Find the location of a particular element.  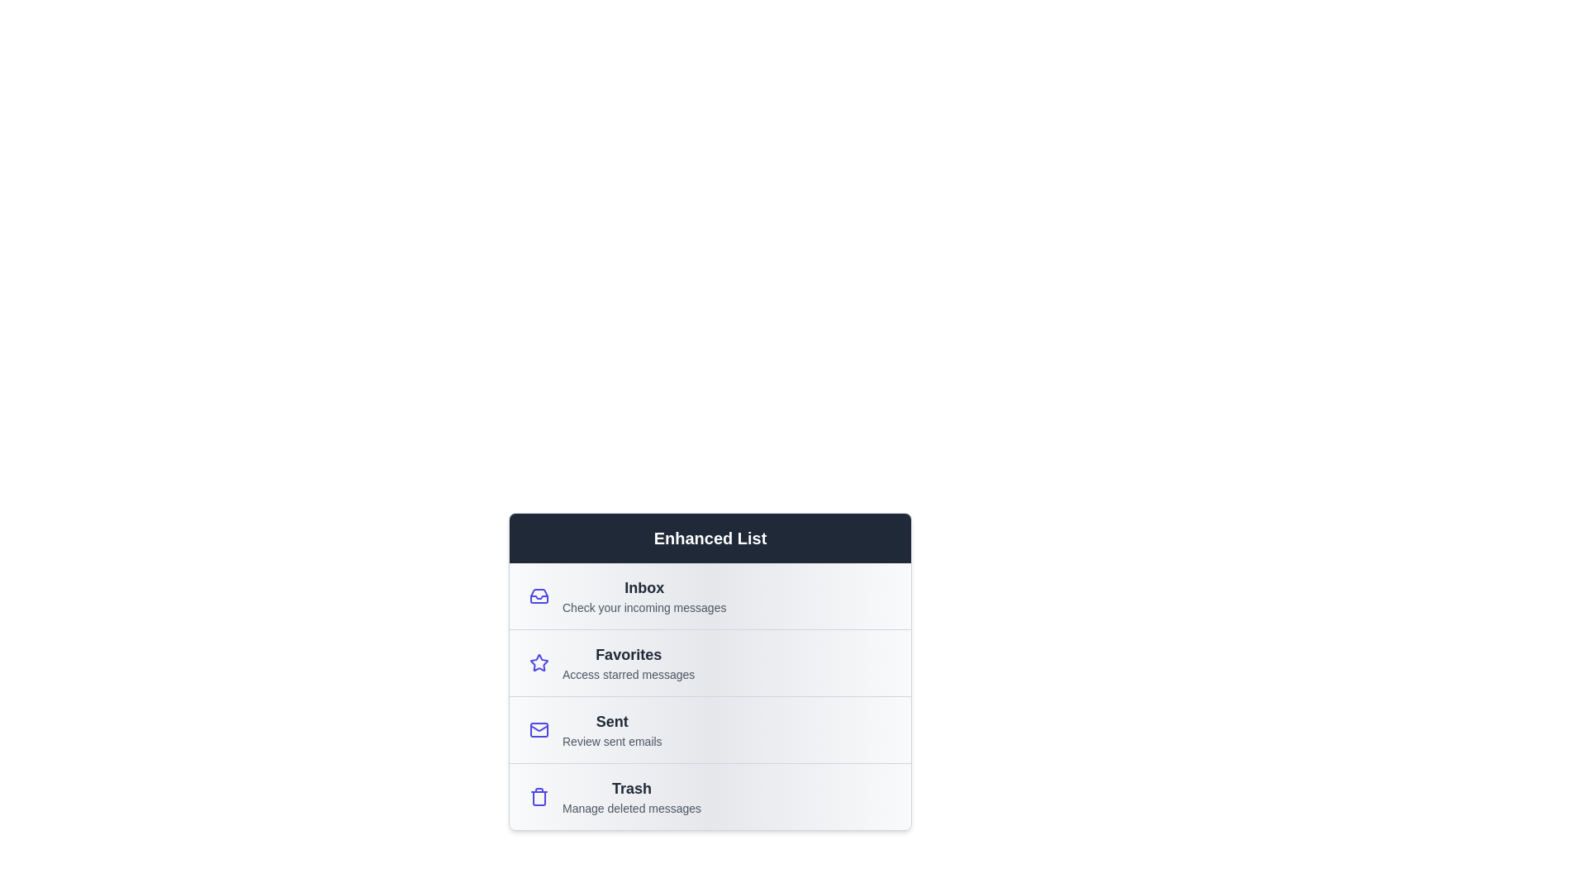

the star icon located is located at coordinates (539, 662).